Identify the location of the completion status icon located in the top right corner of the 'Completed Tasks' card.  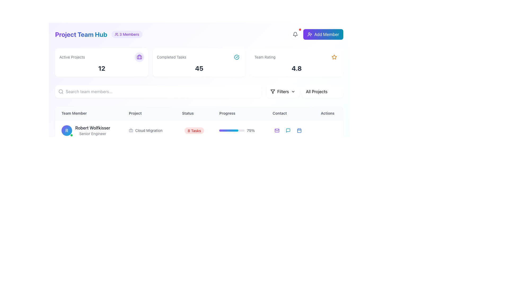
(236, 57).